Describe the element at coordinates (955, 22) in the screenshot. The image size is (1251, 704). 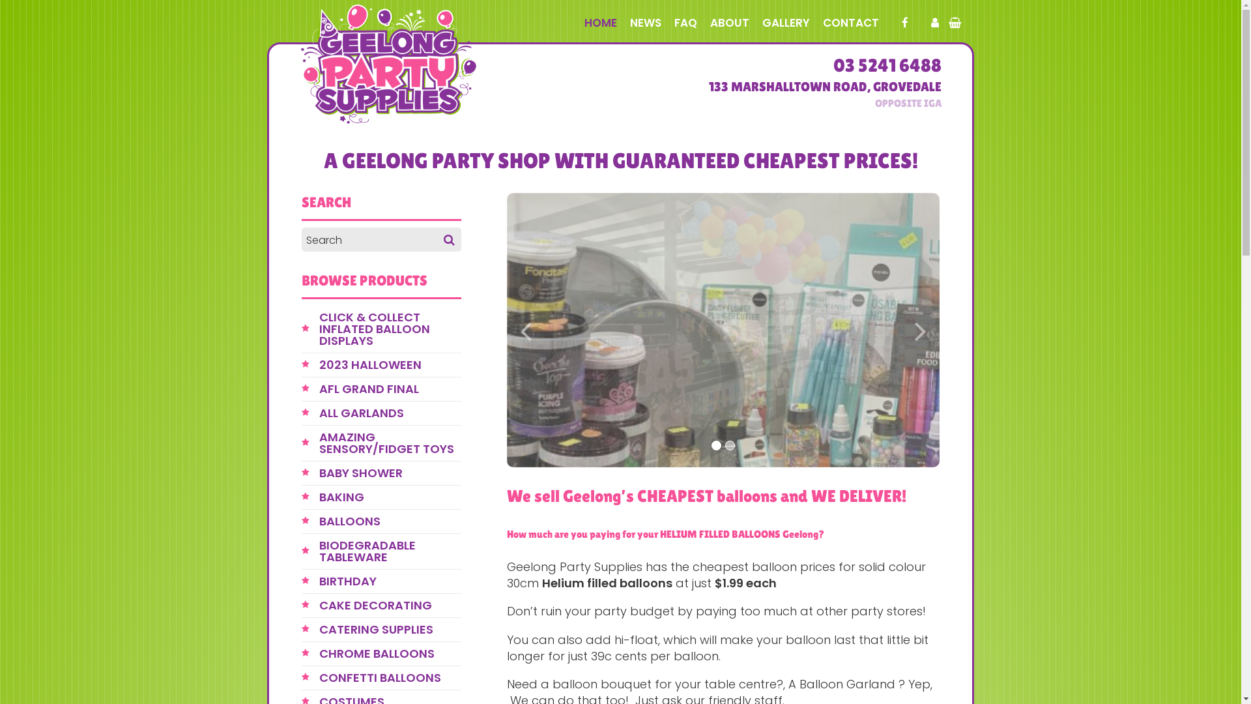
I see `'View your shopping cart'` at that location.